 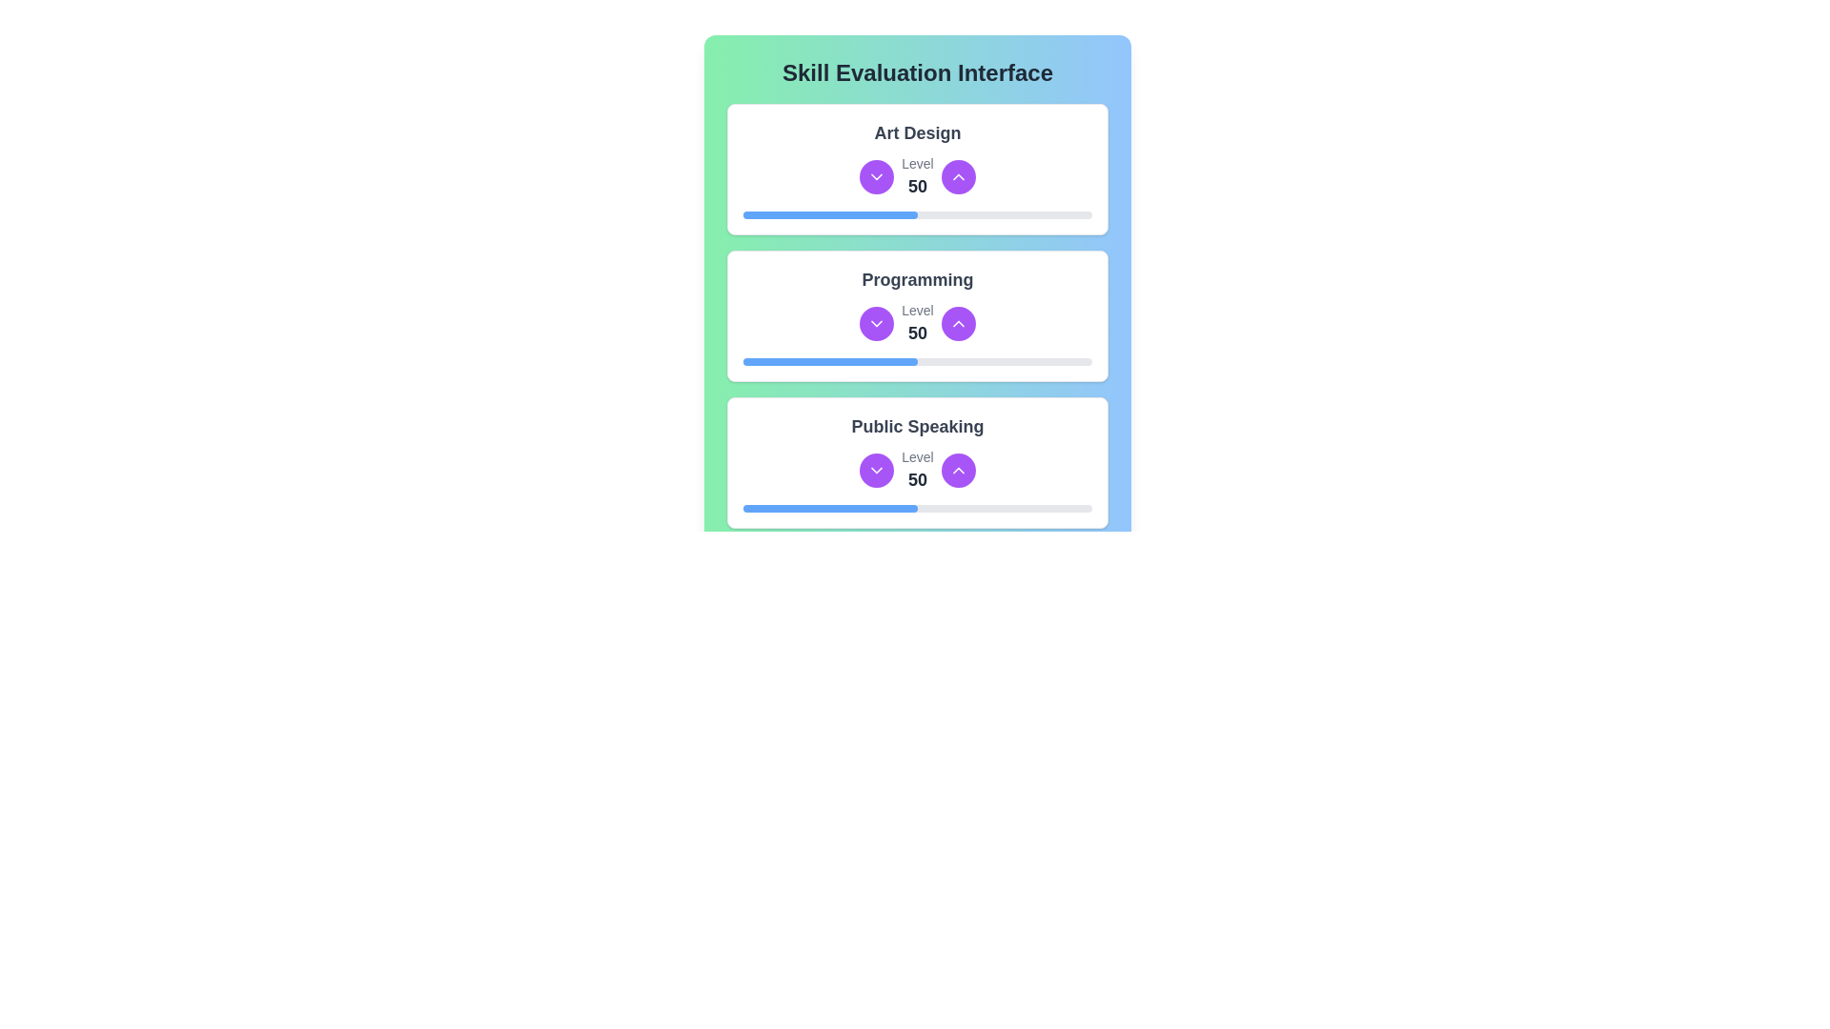 What do you see at coordinates (830, 362) in the screenshot?
I see `the blue progress bar segment representing 50% completion in the 'Programming' skill section` at bounding box center [830, 362].